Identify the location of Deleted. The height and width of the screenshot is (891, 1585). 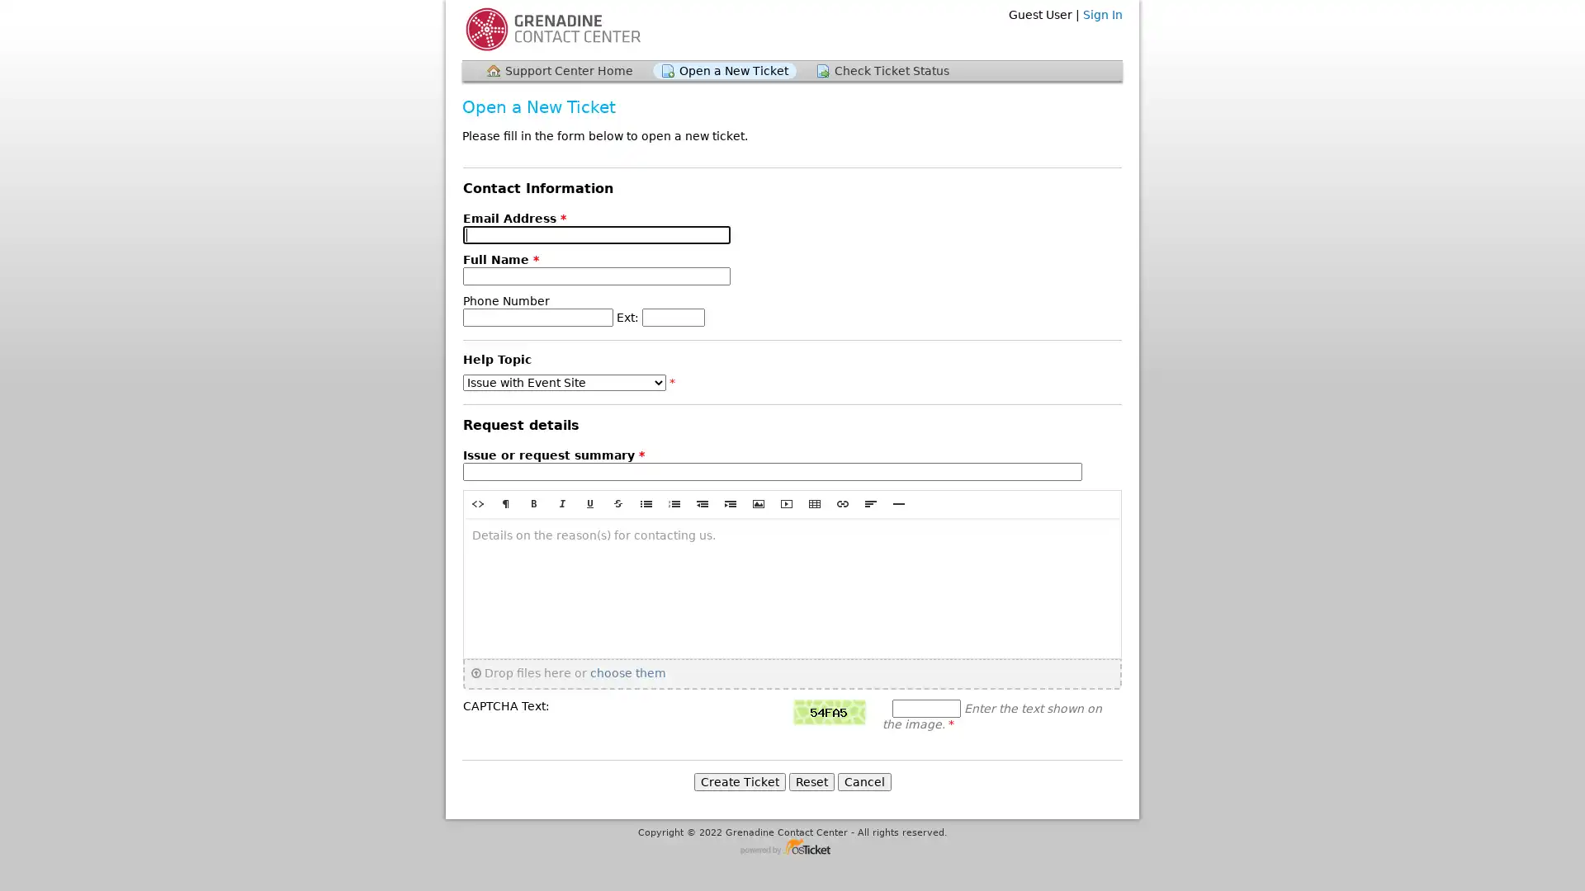
(617, 502).